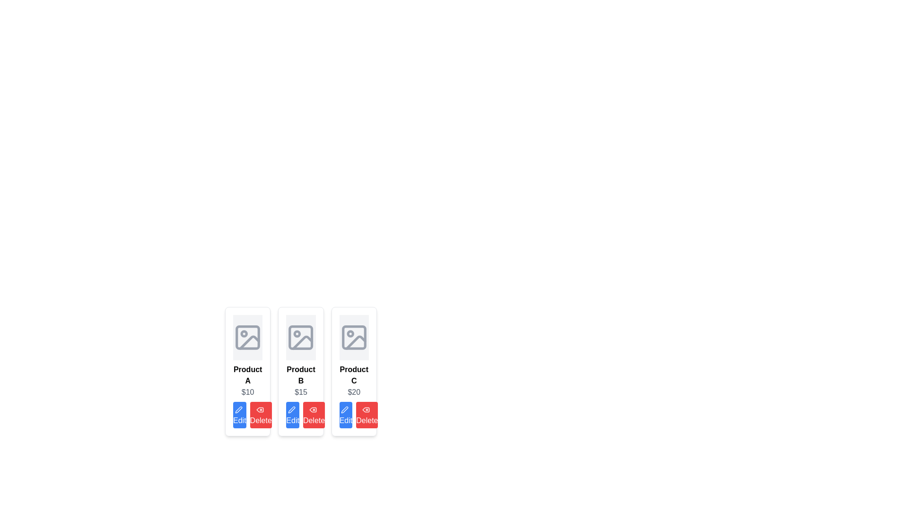 The width and height of the screenshot is (908, 510). What do you see at coordinates (313, 409) in the screenshot?
I see `the left-pointing arrow icon within the Delete button at the bottom-right corner of the Product B card` at bounding box center [313, 409].